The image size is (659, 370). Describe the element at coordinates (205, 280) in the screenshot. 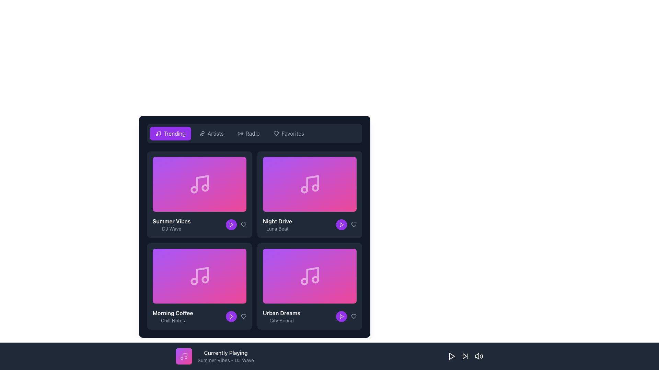

I see `the second SVG circle graphic in the music note icon on the 'Morning Coffee' card located at the bottom left side of the grid` at that location.